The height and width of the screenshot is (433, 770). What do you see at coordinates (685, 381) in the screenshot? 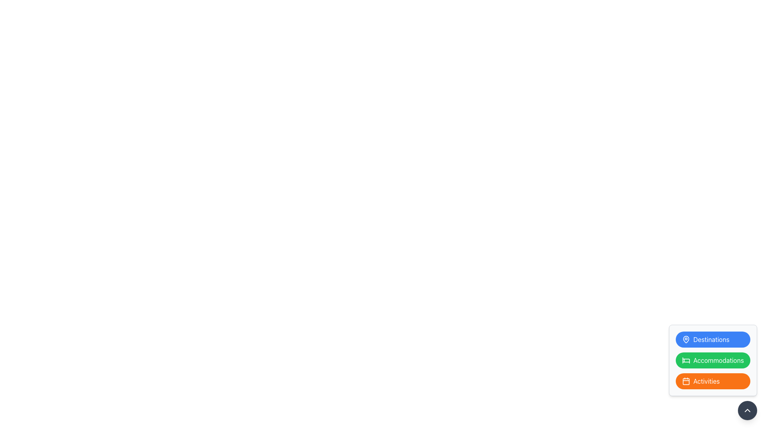
I see `the icon that represents activities, located as the first visual component to the left within the 'Activities' button at the bottom-right corner of the interface` at bounding box center [685, 381].